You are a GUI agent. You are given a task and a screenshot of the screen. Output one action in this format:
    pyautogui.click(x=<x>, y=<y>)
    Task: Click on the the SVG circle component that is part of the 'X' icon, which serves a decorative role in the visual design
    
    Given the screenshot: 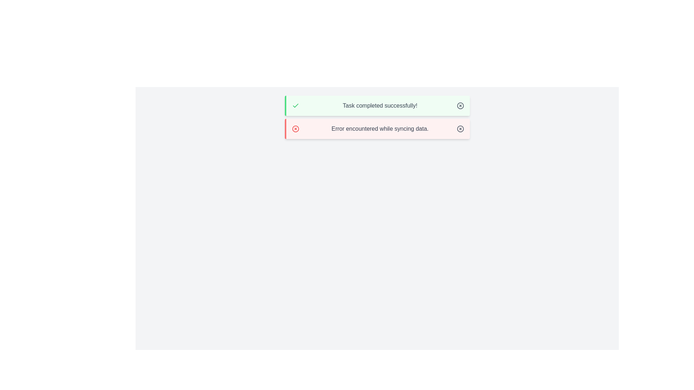 What is the action you would take?
    pyautogui.click(x=460, y=106)
    